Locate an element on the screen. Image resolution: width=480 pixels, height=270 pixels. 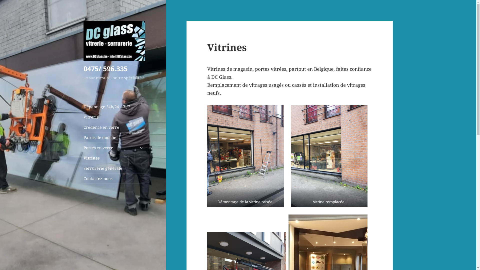
'Portes en verre' is located at coordinates (114, 147).